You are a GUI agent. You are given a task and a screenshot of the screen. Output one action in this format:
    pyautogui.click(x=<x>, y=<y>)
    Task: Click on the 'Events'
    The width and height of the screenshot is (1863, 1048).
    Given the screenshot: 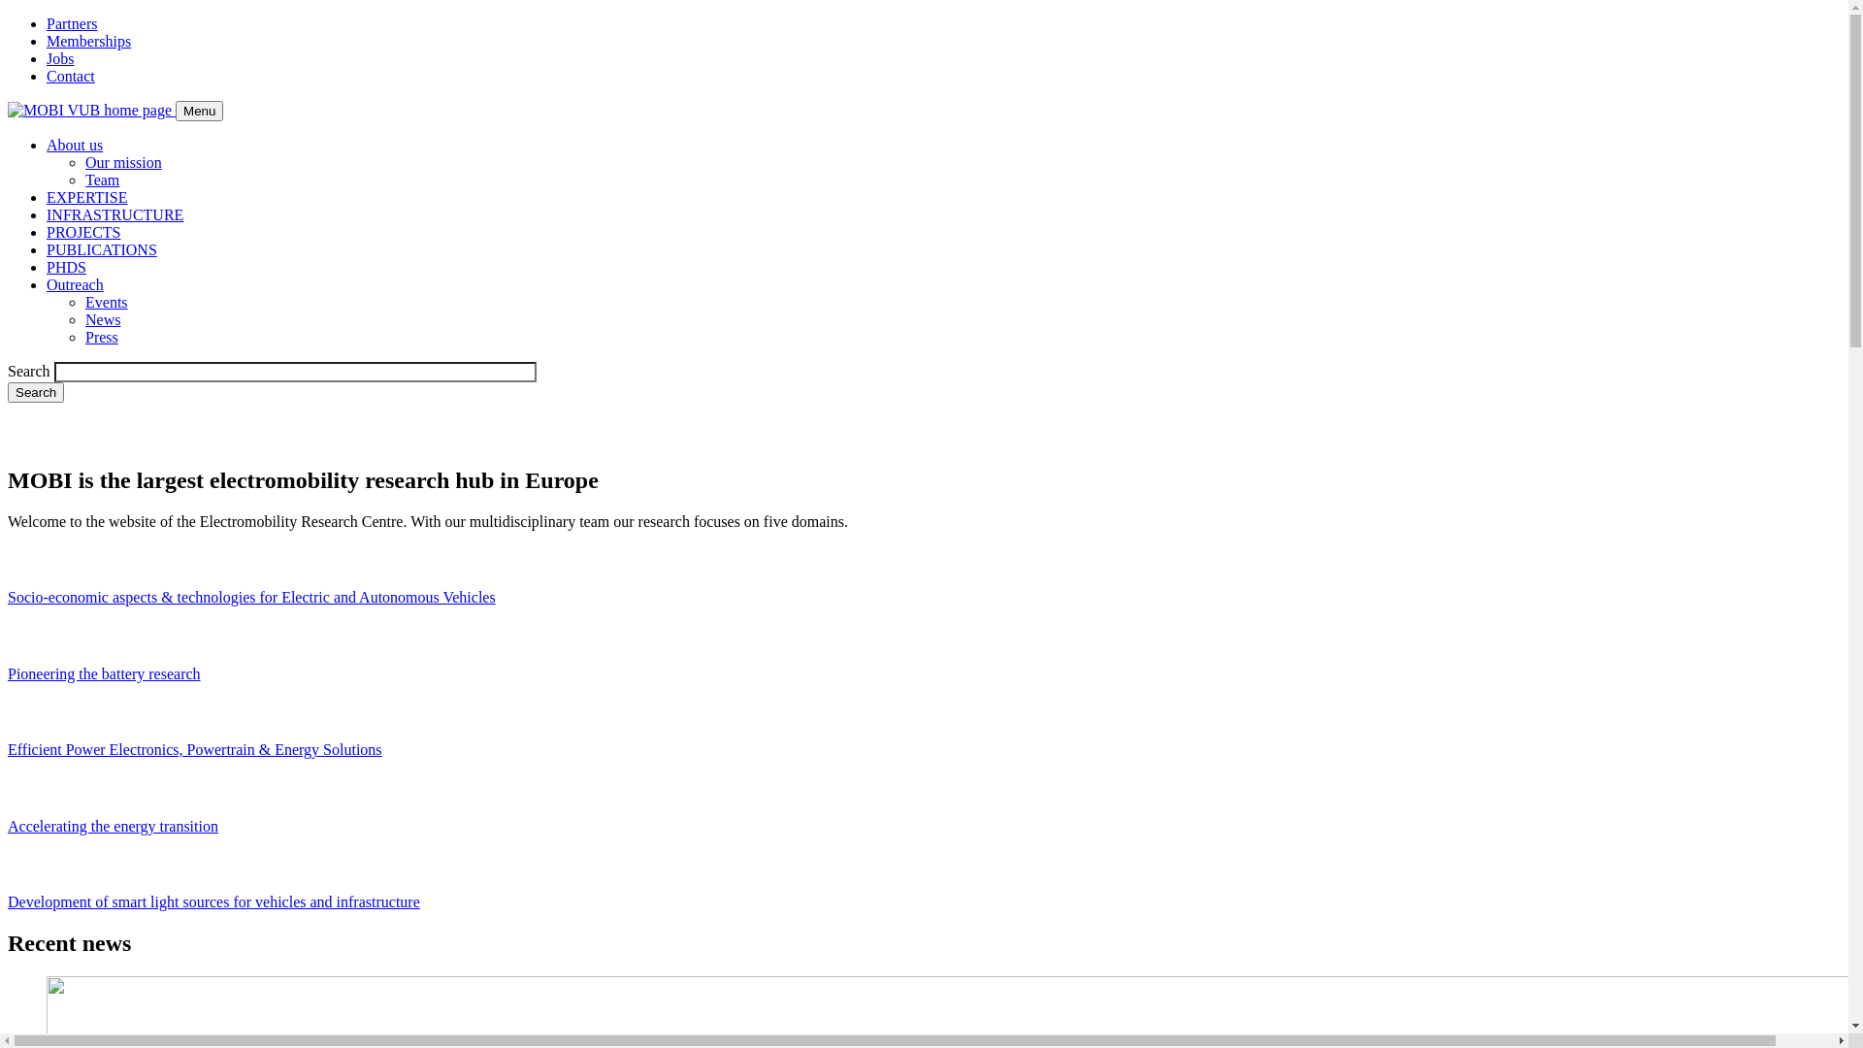 What is the action you would take?
    pyautogui.click(x=106, y=302)
    